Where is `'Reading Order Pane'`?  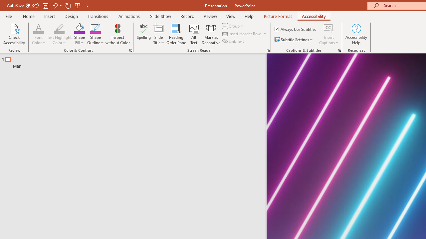 'Reading Order Pane' is located at coordinates (176, 34).